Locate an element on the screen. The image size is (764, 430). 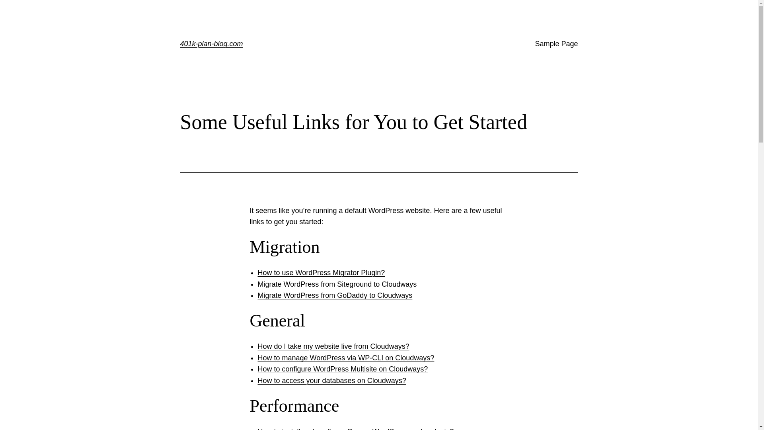
'Sample Page' is located at coordinates (555, 44).